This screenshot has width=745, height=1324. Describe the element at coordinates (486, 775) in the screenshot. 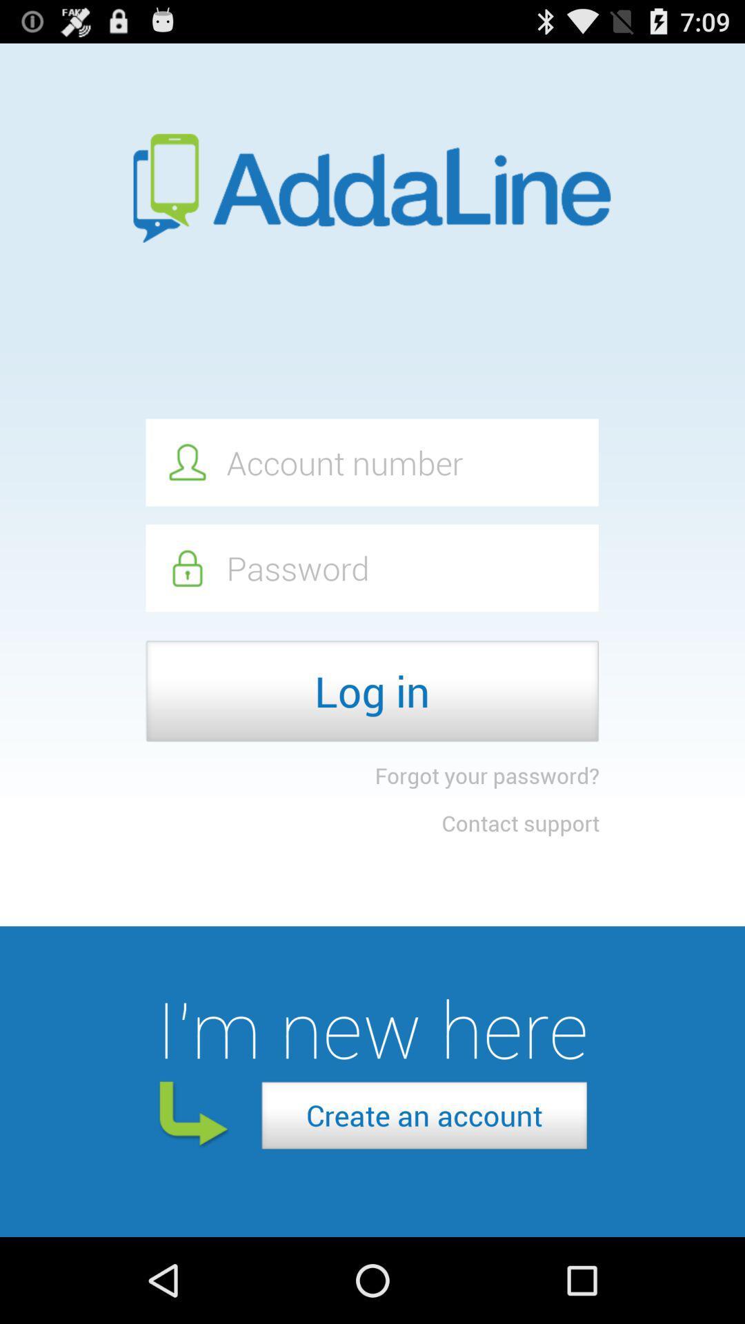

I see `the forgot your password? icon` at that location.